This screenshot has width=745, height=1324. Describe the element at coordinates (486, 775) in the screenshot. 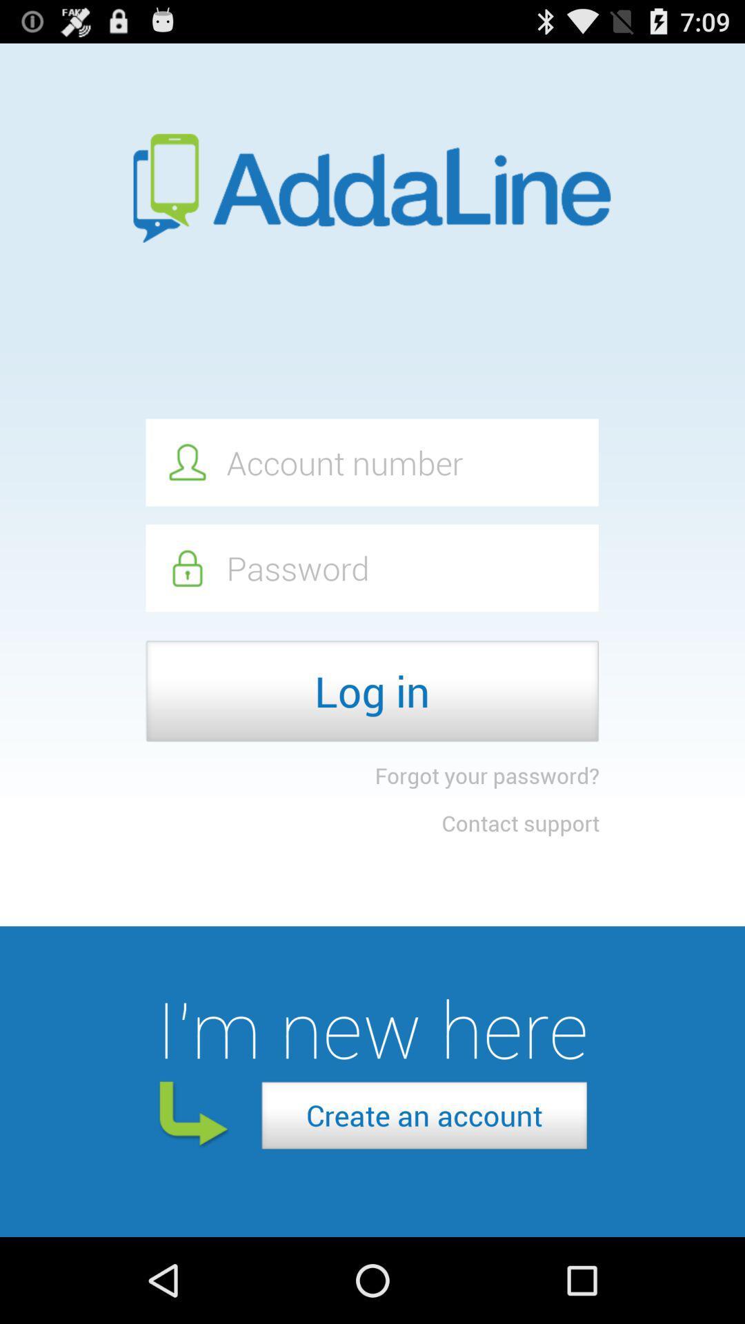

I see `the forgot your password? icon` at that location.